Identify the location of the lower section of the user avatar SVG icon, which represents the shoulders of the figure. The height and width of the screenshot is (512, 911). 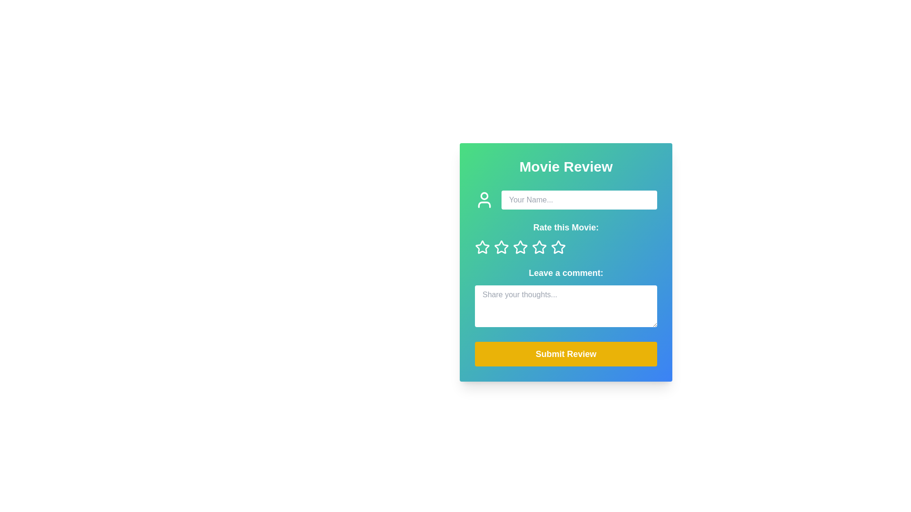
(484, 204).